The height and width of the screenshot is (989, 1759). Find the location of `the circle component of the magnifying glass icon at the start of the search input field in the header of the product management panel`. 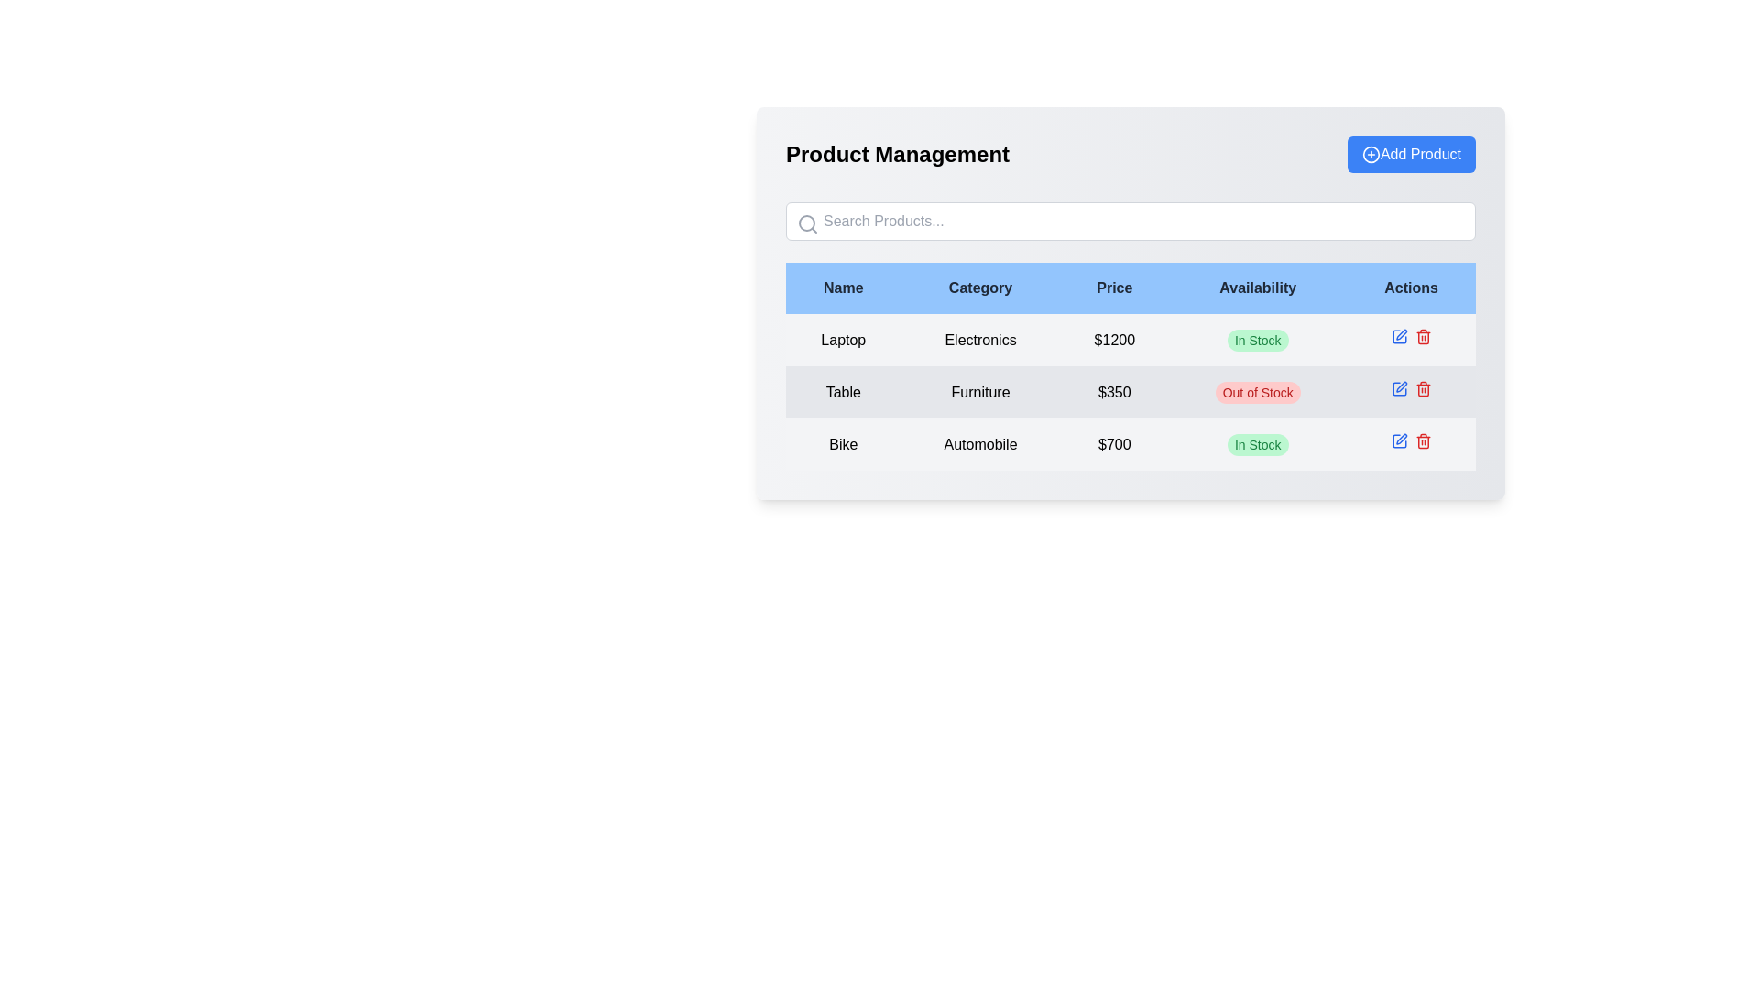

the circle component of the magnifying glass icon at the start of the search input field in the header of the product management panel is located at coordinates (806, 222).